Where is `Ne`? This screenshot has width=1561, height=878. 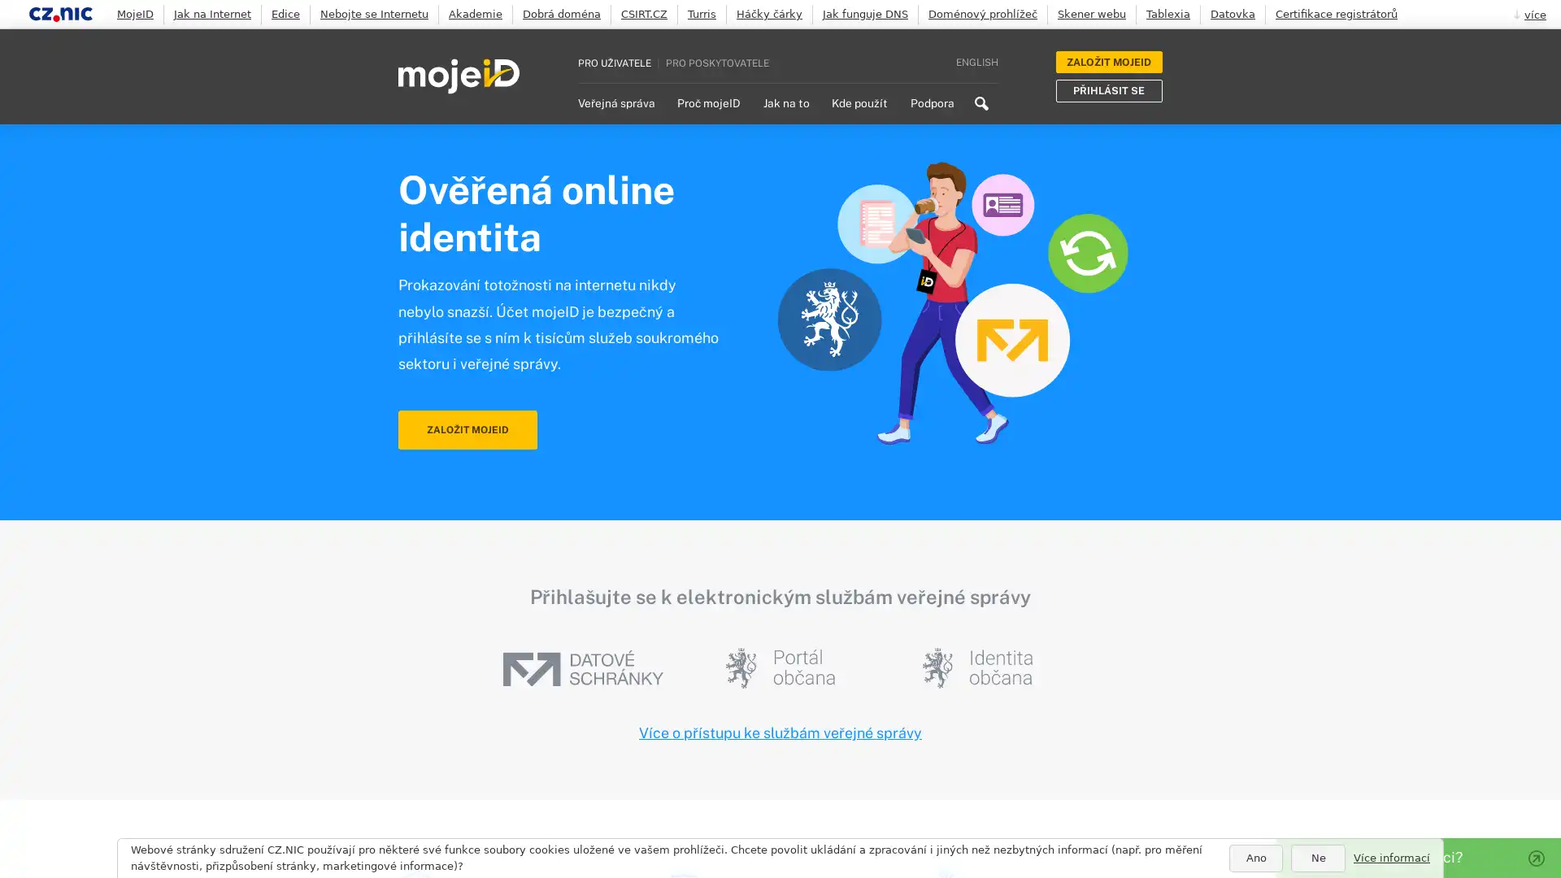 Ne is located at coordinates (1318, 858).